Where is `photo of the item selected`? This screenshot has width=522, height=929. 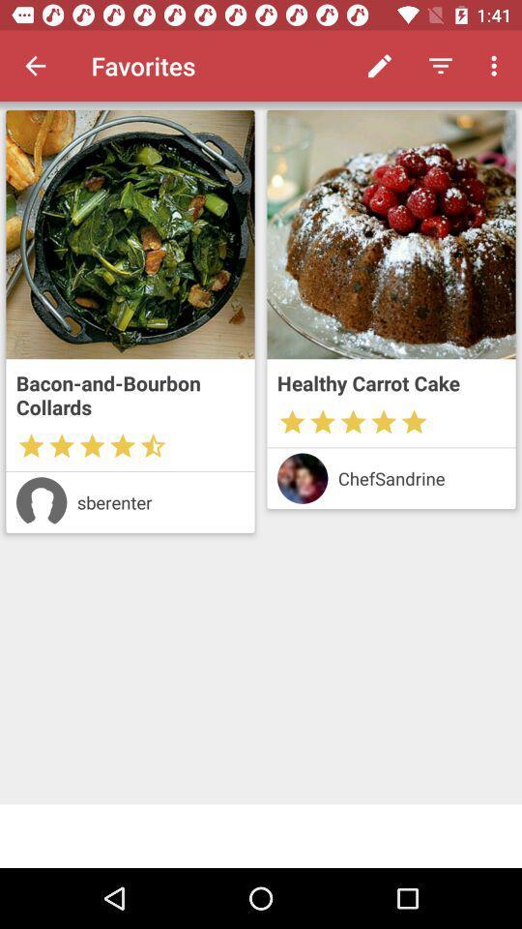
photo of the item selected is located at coordinates (130, 233).